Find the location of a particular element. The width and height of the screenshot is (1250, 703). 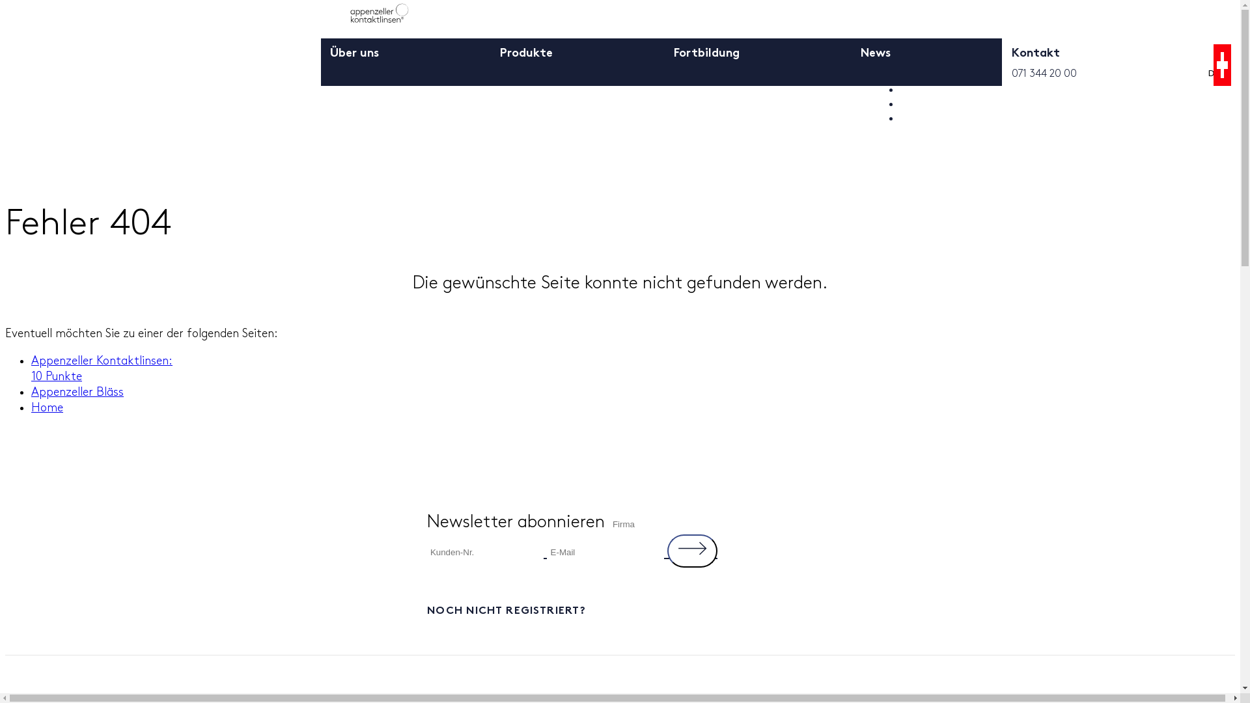

'071 344 20 00' is located at coordinates (1011, 73).